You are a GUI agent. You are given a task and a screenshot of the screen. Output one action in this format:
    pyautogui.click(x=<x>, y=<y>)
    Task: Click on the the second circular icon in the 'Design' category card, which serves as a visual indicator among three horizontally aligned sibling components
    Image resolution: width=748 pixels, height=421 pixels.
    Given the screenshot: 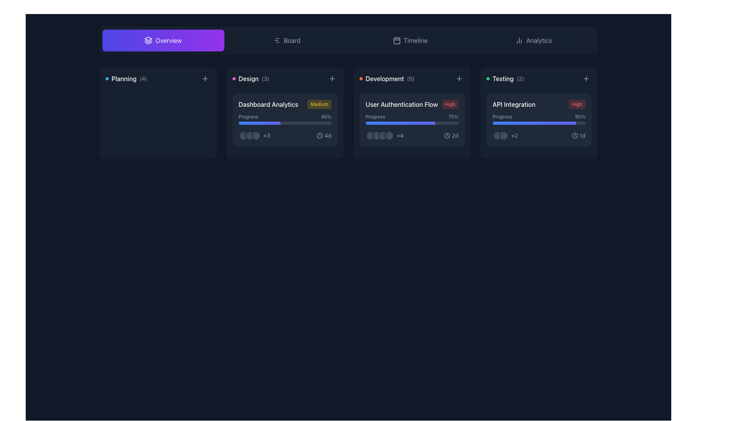 What is the action you would take?
    pyautogui.click(x=249, y=135)
    